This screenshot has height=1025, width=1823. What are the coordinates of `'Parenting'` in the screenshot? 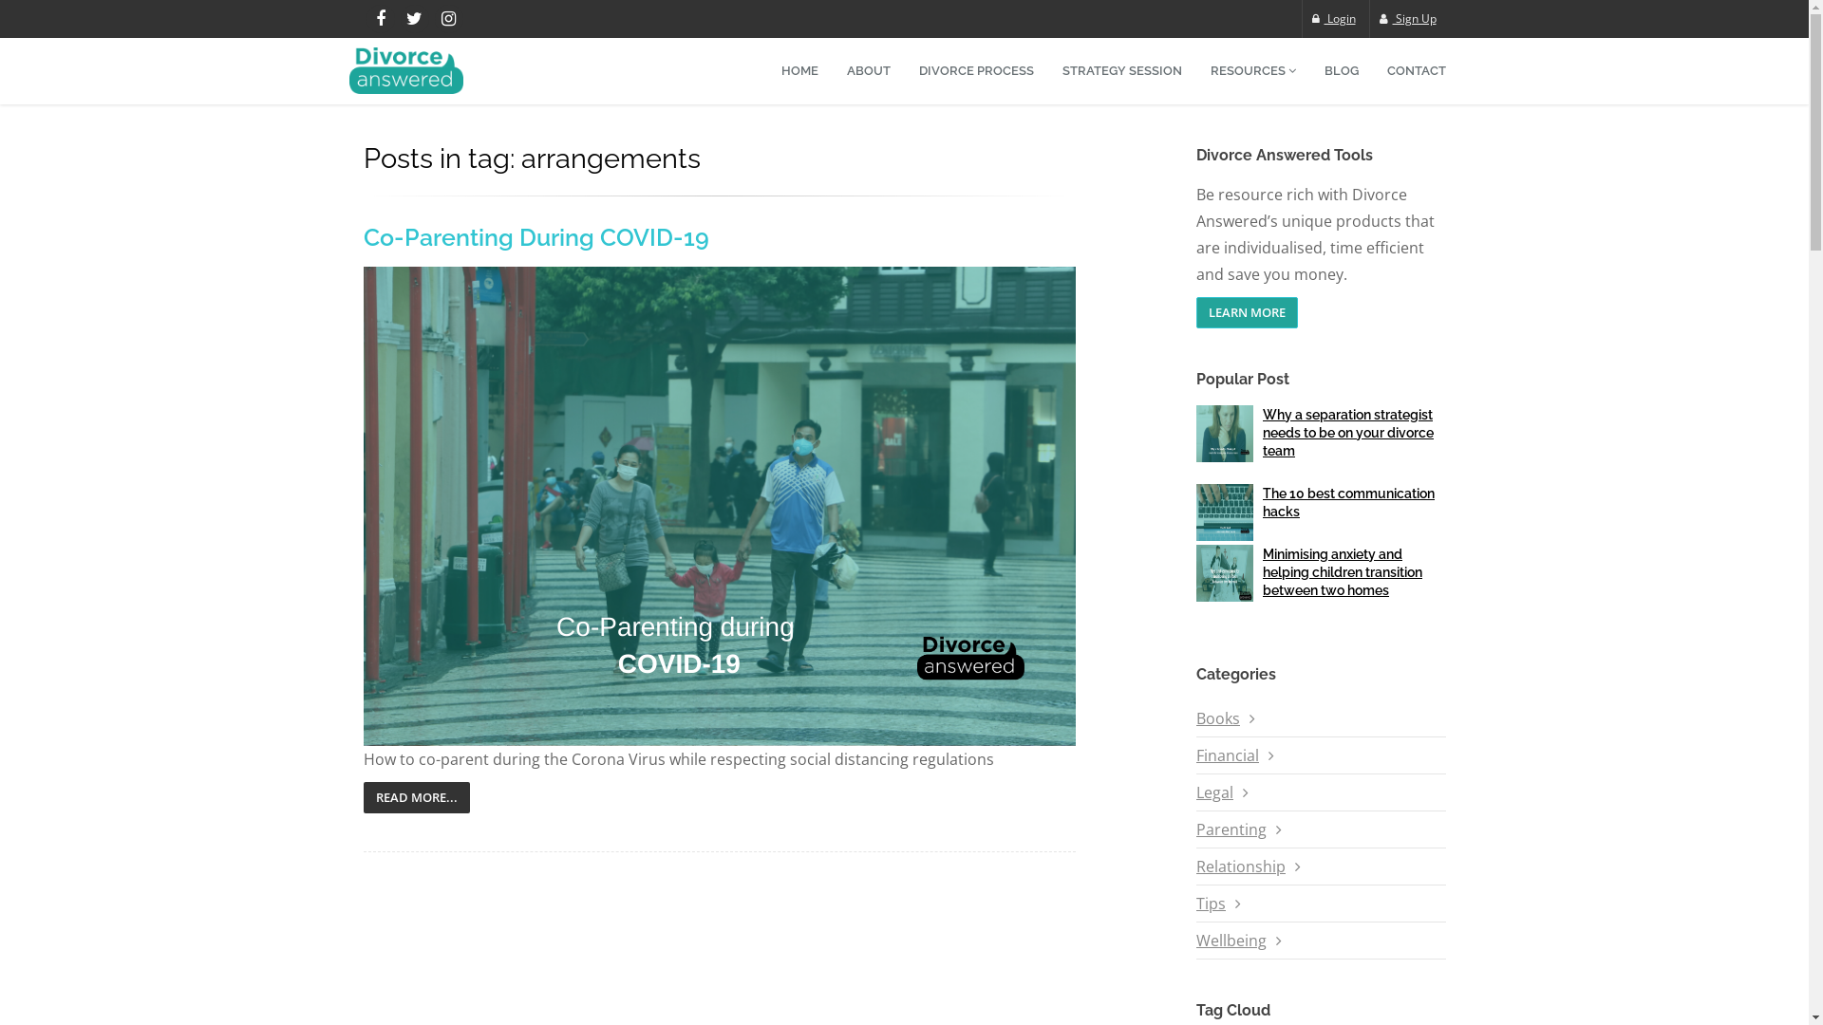 It's located at (1231, 829).